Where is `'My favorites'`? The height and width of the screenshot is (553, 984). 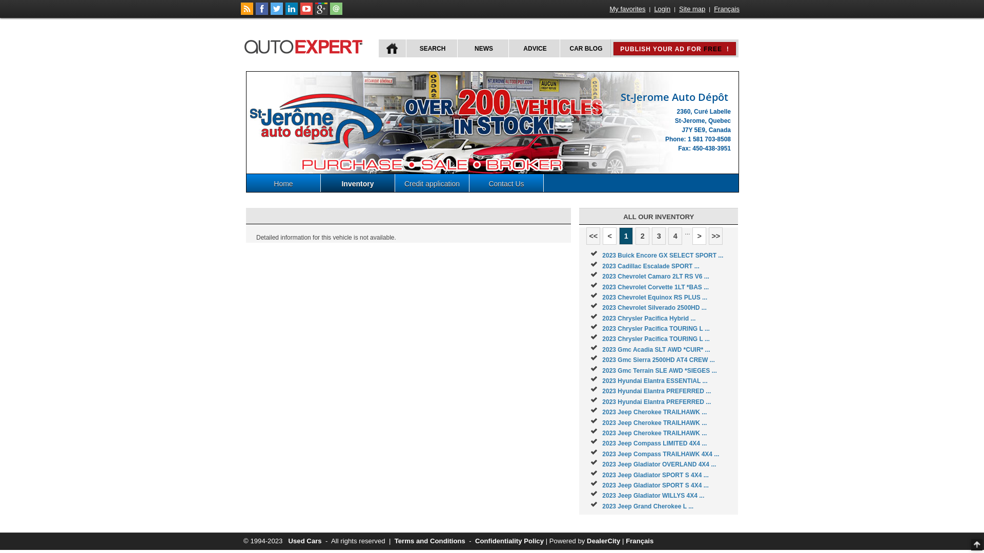 'My favorites' is located at coordinates (627, 9).